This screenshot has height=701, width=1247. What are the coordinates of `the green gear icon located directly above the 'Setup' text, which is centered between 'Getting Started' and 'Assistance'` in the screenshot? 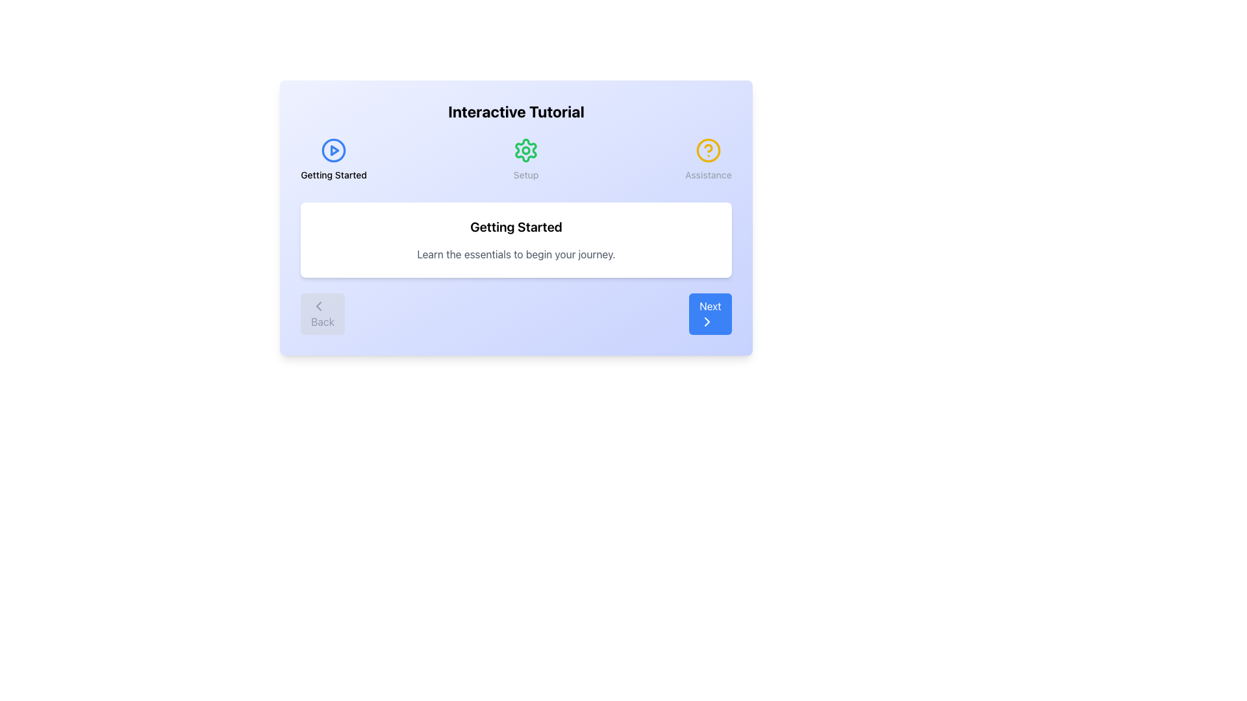 It's located at (526, 149).